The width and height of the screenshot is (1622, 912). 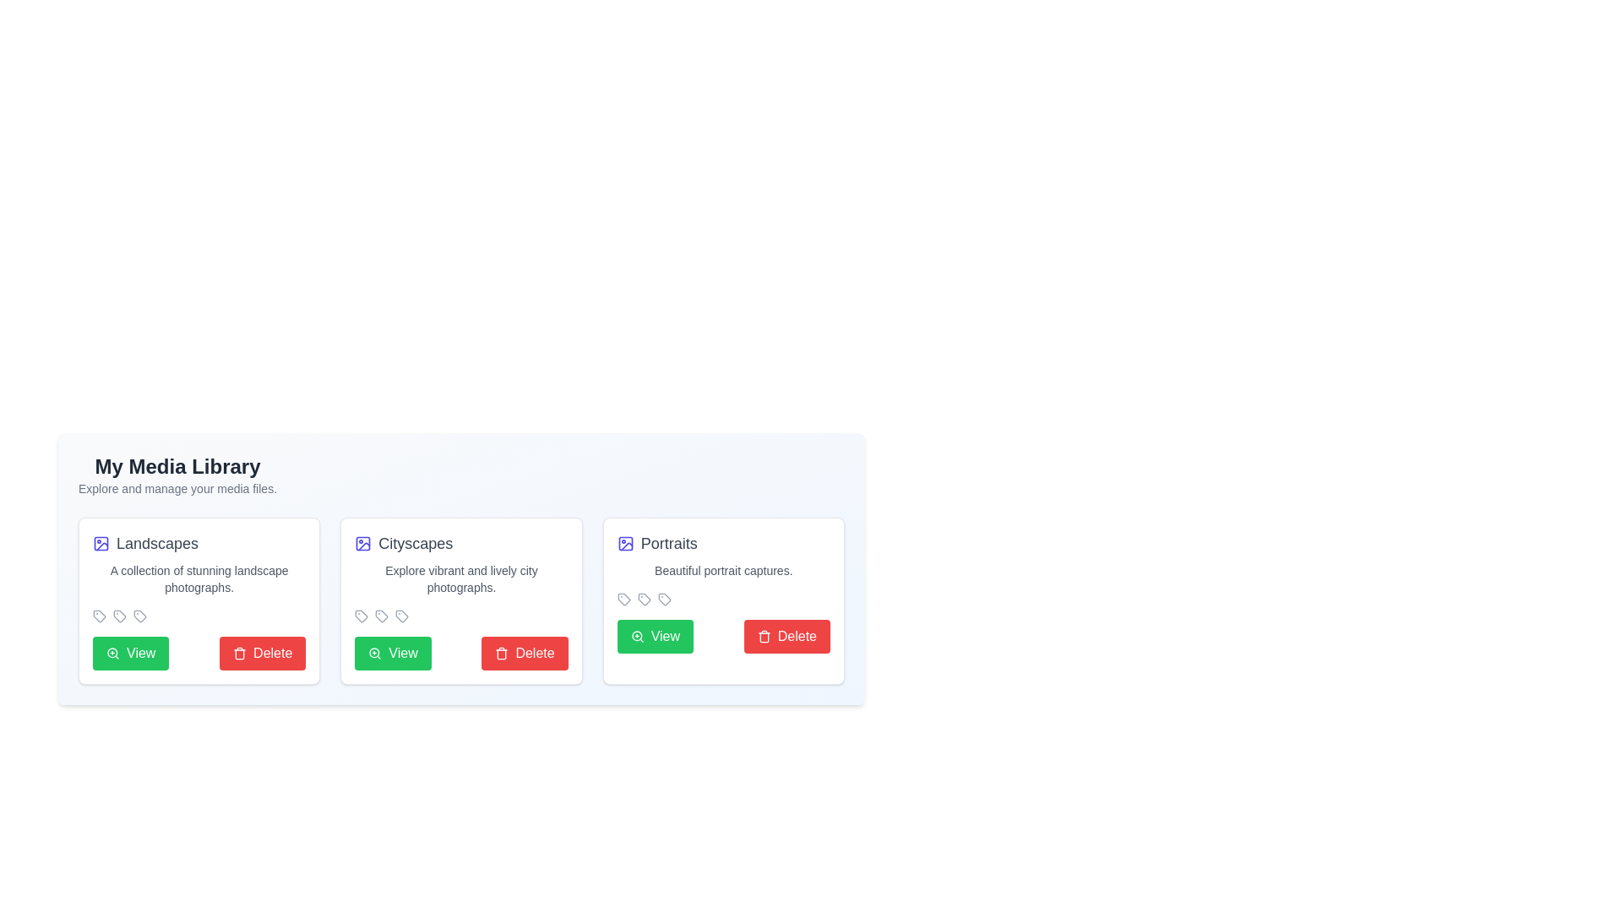 What do you see at coordinates (140, 616) in the screenshot?
I see `the tag-like icon with rounded edges located in the 'Landscapes' card, below the main description text` at bounding box center [140, 616].